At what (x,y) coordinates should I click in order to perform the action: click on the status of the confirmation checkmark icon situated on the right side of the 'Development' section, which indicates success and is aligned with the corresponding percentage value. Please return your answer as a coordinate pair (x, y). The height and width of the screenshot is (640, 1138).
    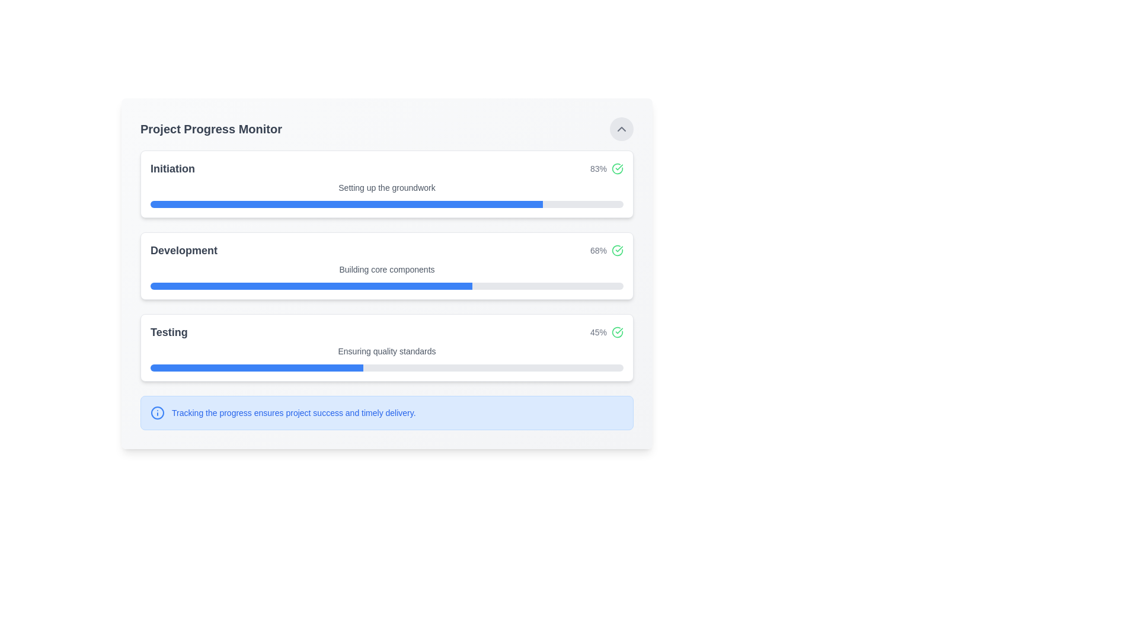
    Looking at the image, I should click on (616, 332).